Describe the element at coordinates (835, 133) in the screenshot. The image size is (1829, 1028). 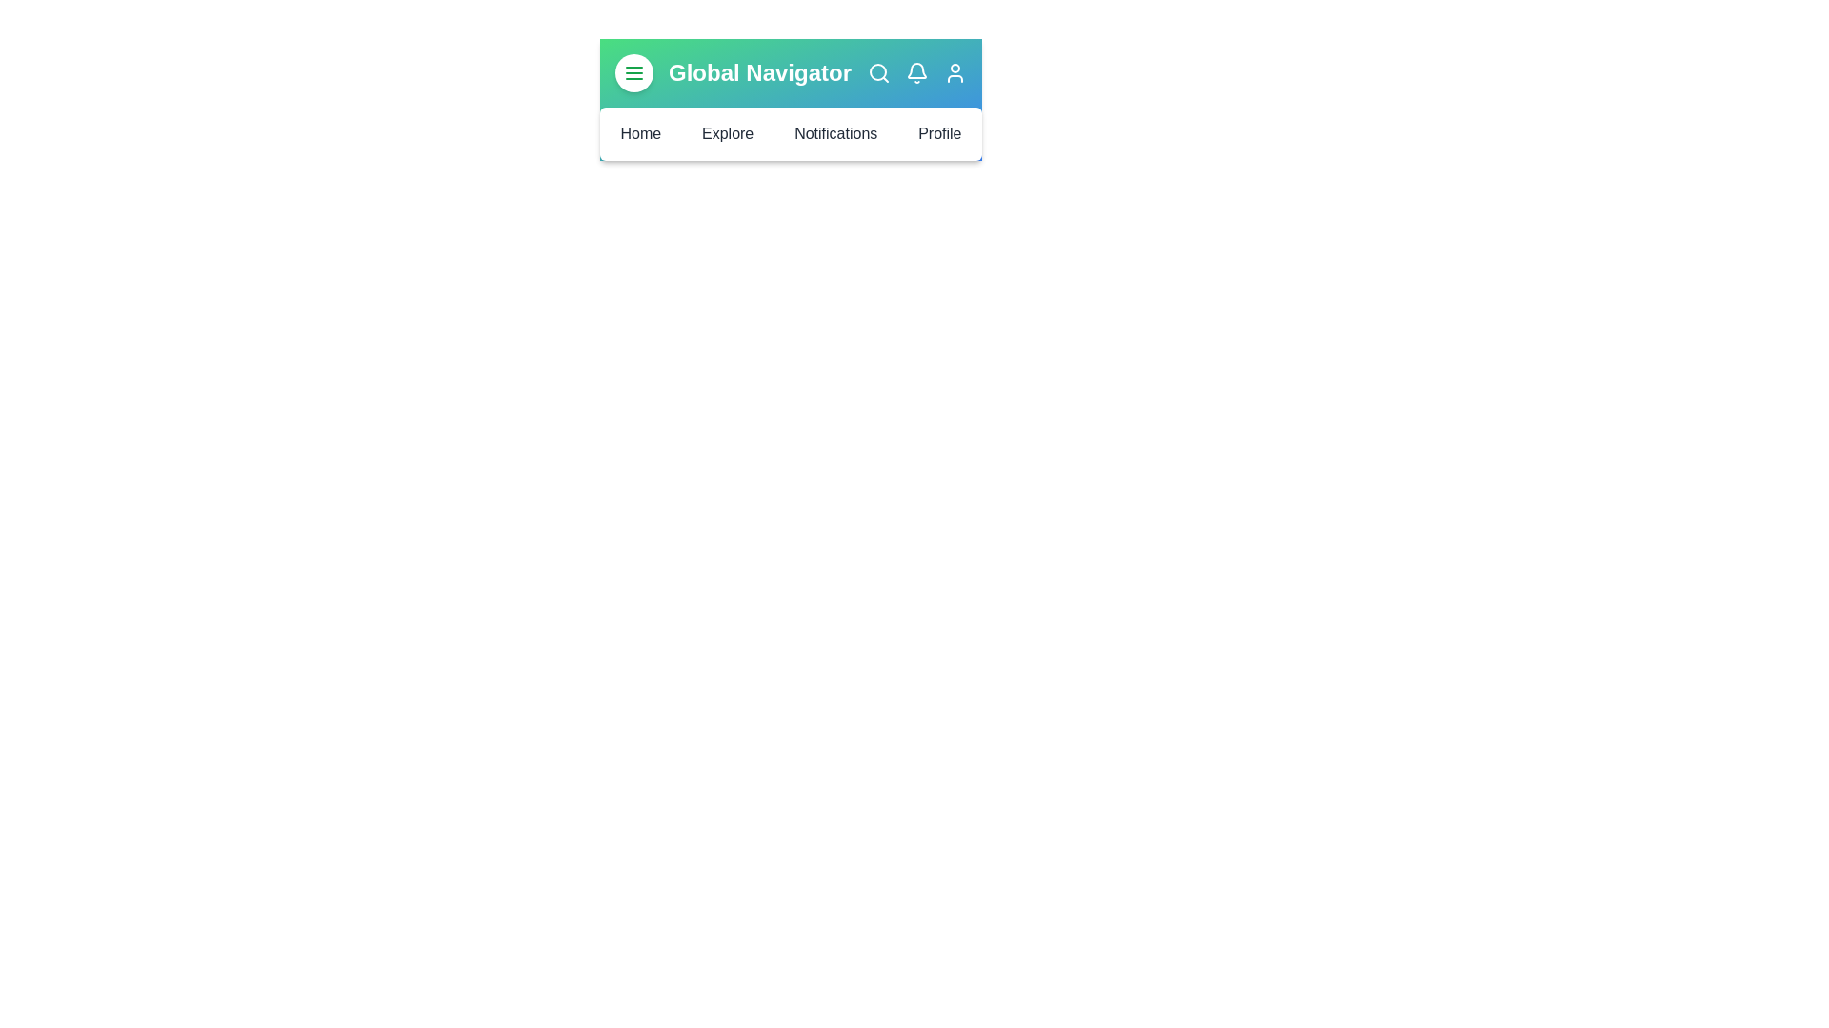
I see `the navigation menu item Notifications to navigate to the corresponding section` at that location.